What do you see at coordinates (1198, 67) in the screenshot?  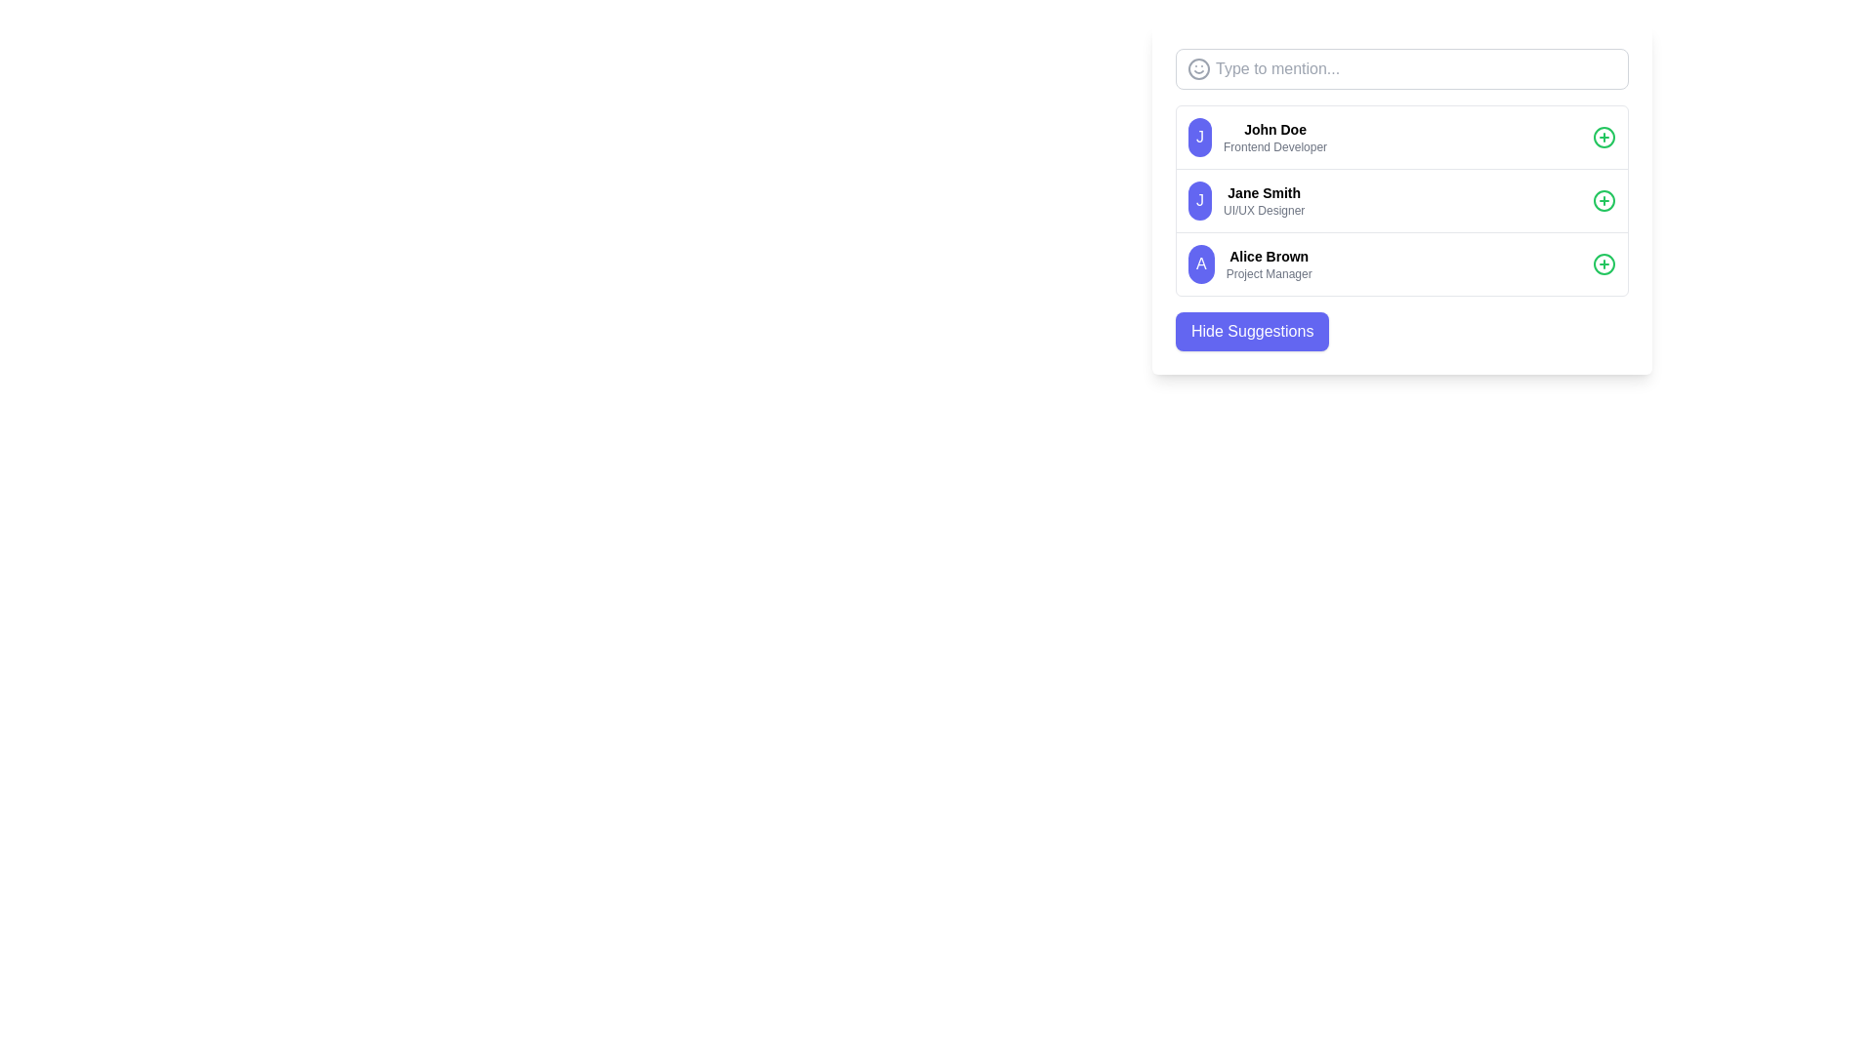 I see `the Decorative icon, which is a circular outline smiley face located on the left side of the text input field labeled 'Type to mention...'` at bounding box center [1198, 67].